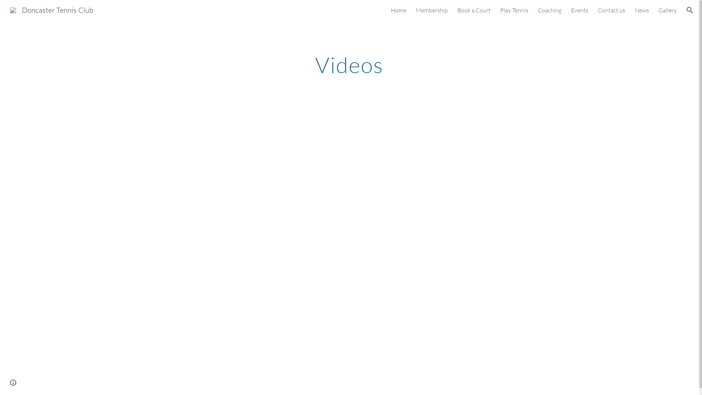 The height and width of the screenshot is (395, 702). I want to click on 'Doncaster Tennis Club', so click(51, 9).